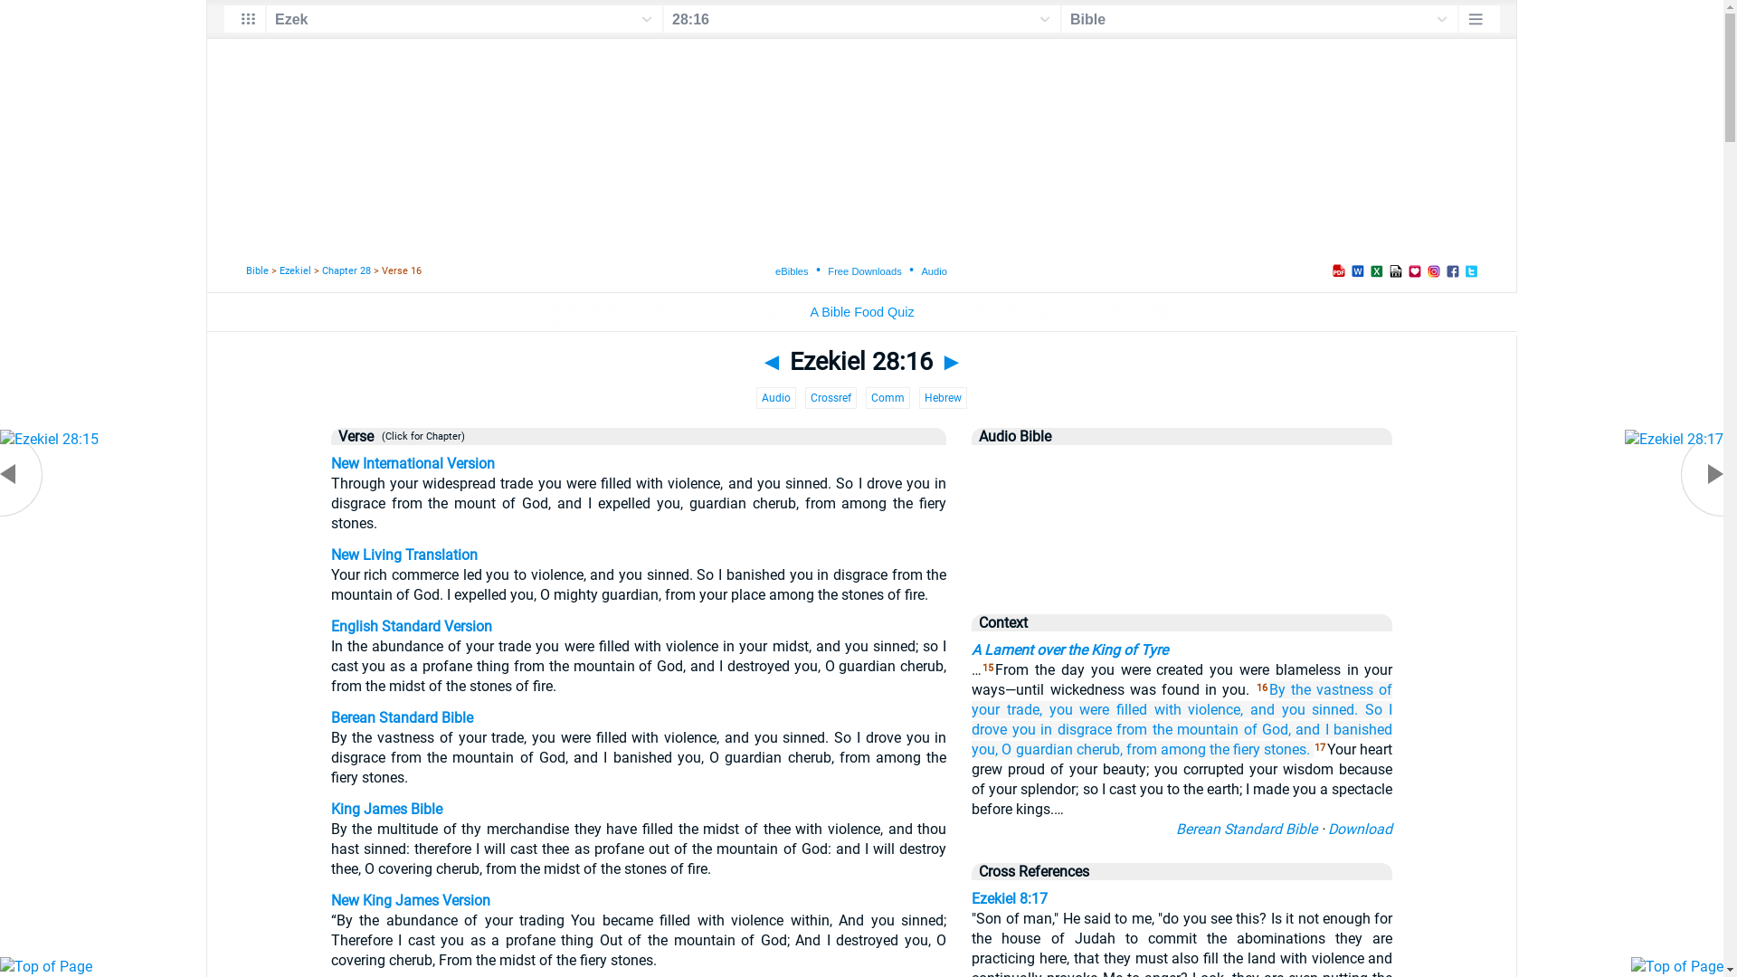 The image size is (1737, 977). I want to click on 'with violence,', so click(1199, 708).